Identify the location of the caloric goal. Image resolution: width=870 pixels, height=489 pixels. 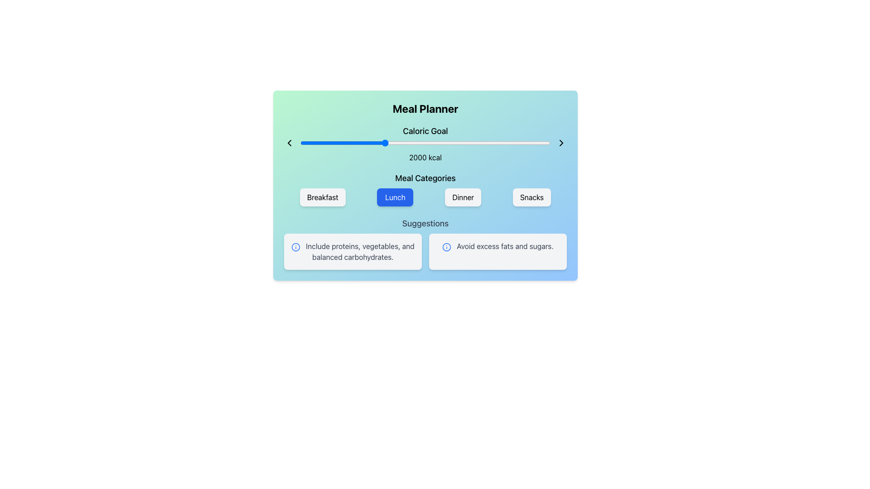
(428, 143).